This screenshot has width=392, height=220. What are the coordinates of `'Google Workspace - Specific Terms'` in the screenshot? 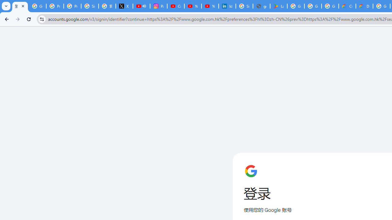 It's located at (330, 6).